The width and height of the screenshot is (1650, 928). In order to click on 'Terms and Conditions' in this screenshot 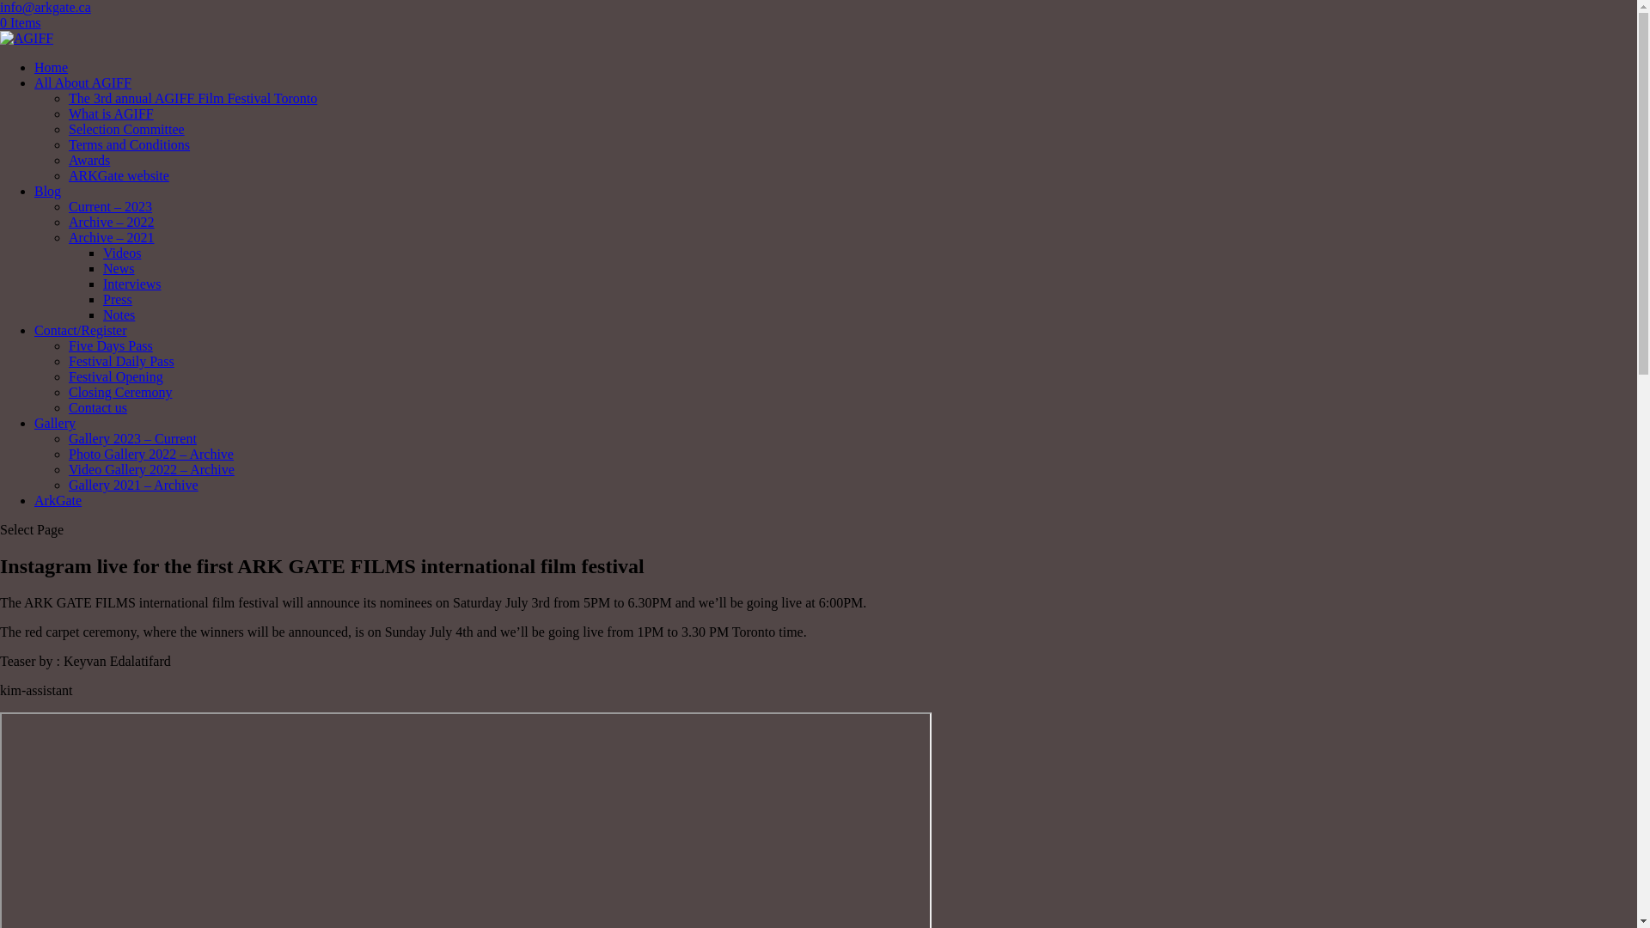, I will do `click(128, 143)`.